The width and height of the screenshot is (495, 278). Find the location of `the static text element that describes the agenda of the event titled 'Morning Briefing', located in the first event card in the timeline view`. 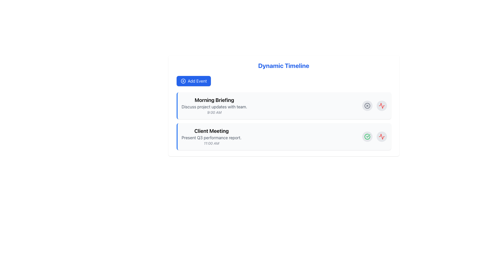

the static text element that describes the agenda of the event titled 'Morning Briefing', located in the first event card in the timeline view is located at coordinates (214, 107).